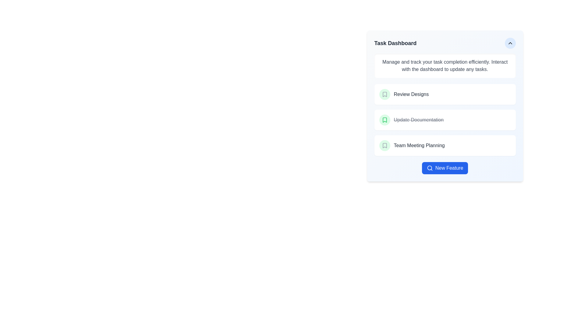 Image resolution: width=585 pixels, height=329 pixels. I want to click on the green bookmark icon located to the left of the task title 'Update Documentation' in the second task card, so click(384, 120).